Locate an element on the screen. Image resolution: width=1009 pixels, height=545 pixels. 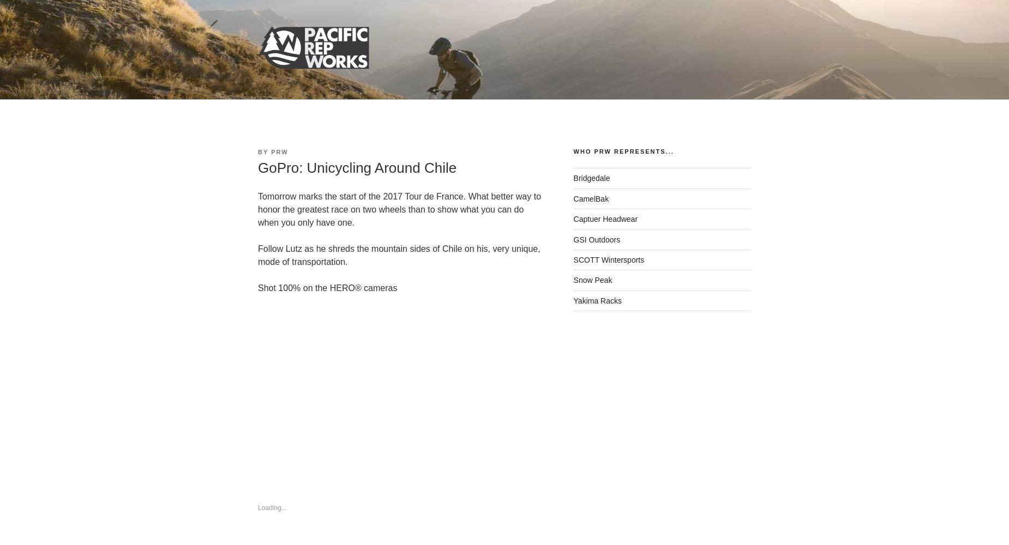
'Follow Lutz as he shreds the mountain sides of Chile on his, very unique, mode of transportation.' is located at coordinates (399, 255).